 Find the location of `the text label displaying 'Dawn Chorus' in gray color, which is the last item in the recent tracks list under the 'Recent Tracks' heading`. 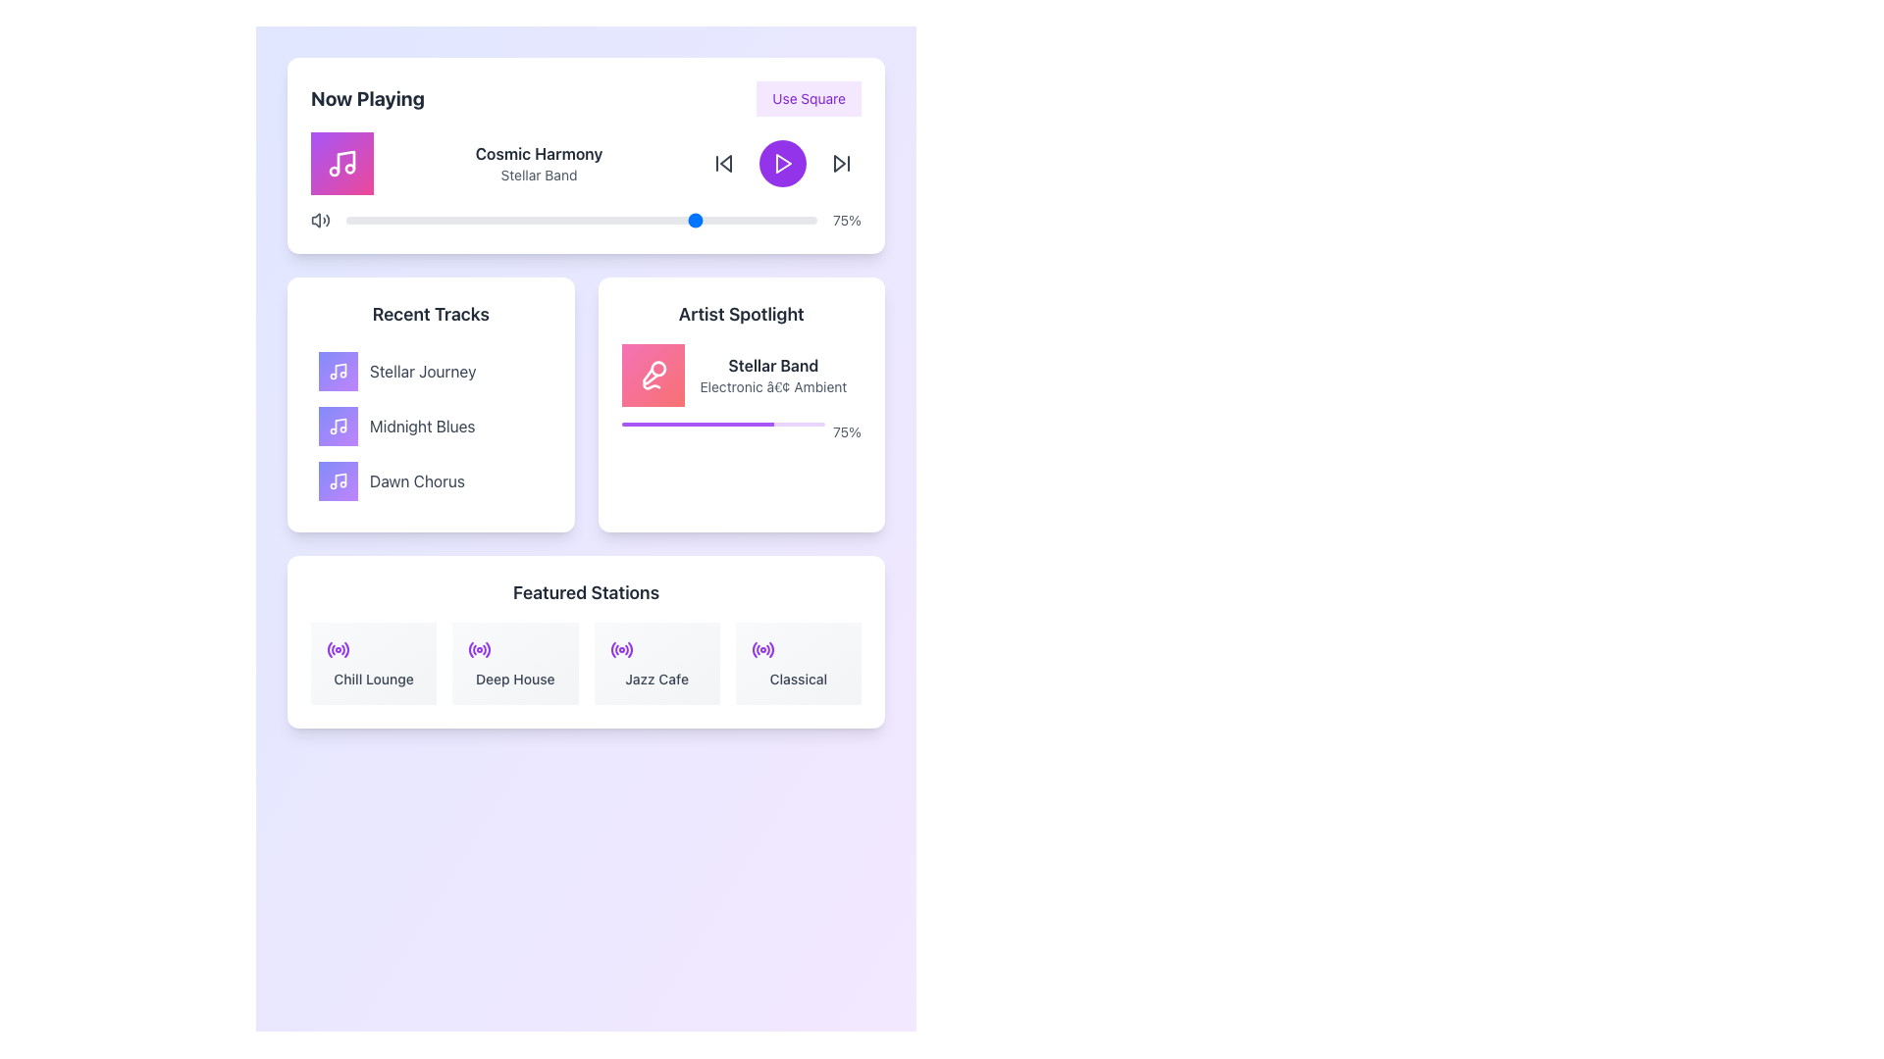

the text label displaying 'Dawn Chorus' in gray color, which is the last item in the recent tracks list under the 'Recent Tracks' heading is located at coordinates (416, 480).